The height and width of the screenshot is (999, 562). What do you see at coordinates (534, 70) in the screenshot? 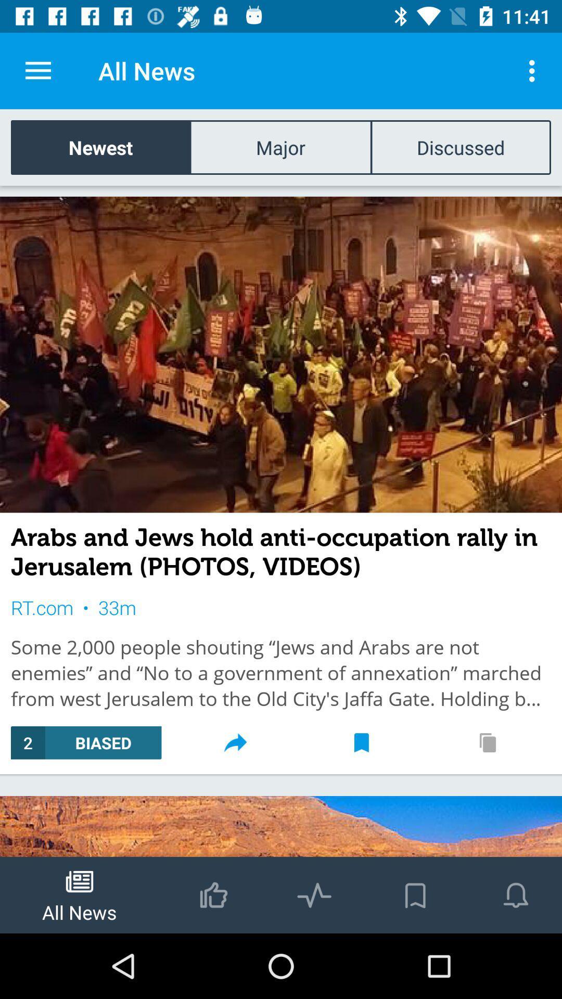
I see `icon above the discussed item` at bounding box center [534, 70].